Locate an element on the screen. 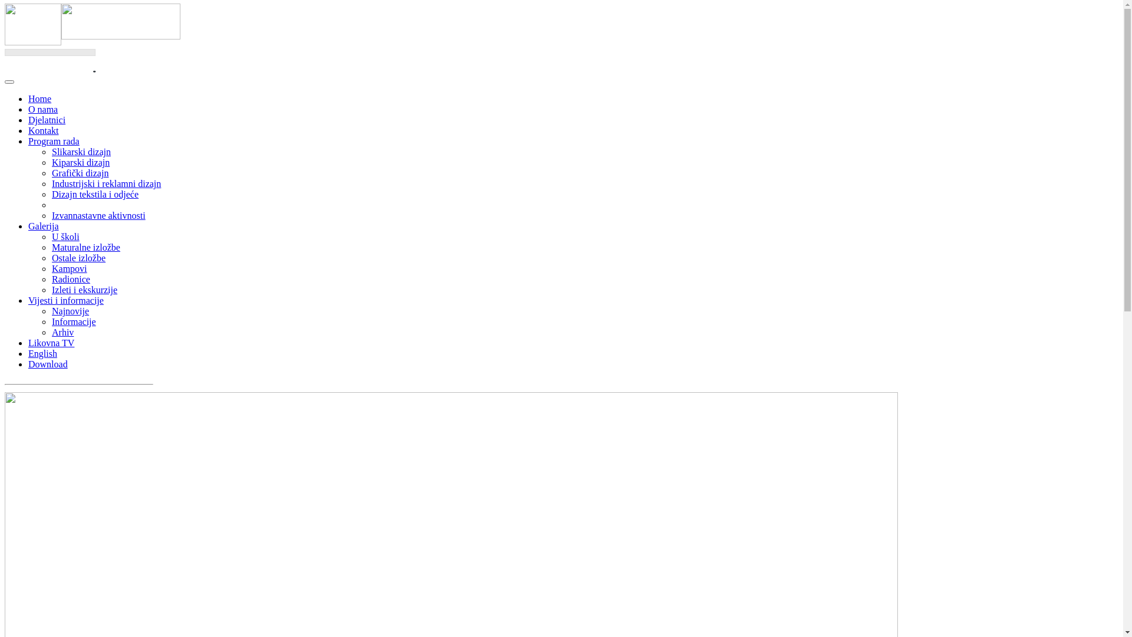 This screenshot has height=637, width=1132. 'Kiparski dizajn' is located at coordinates (80, 162).